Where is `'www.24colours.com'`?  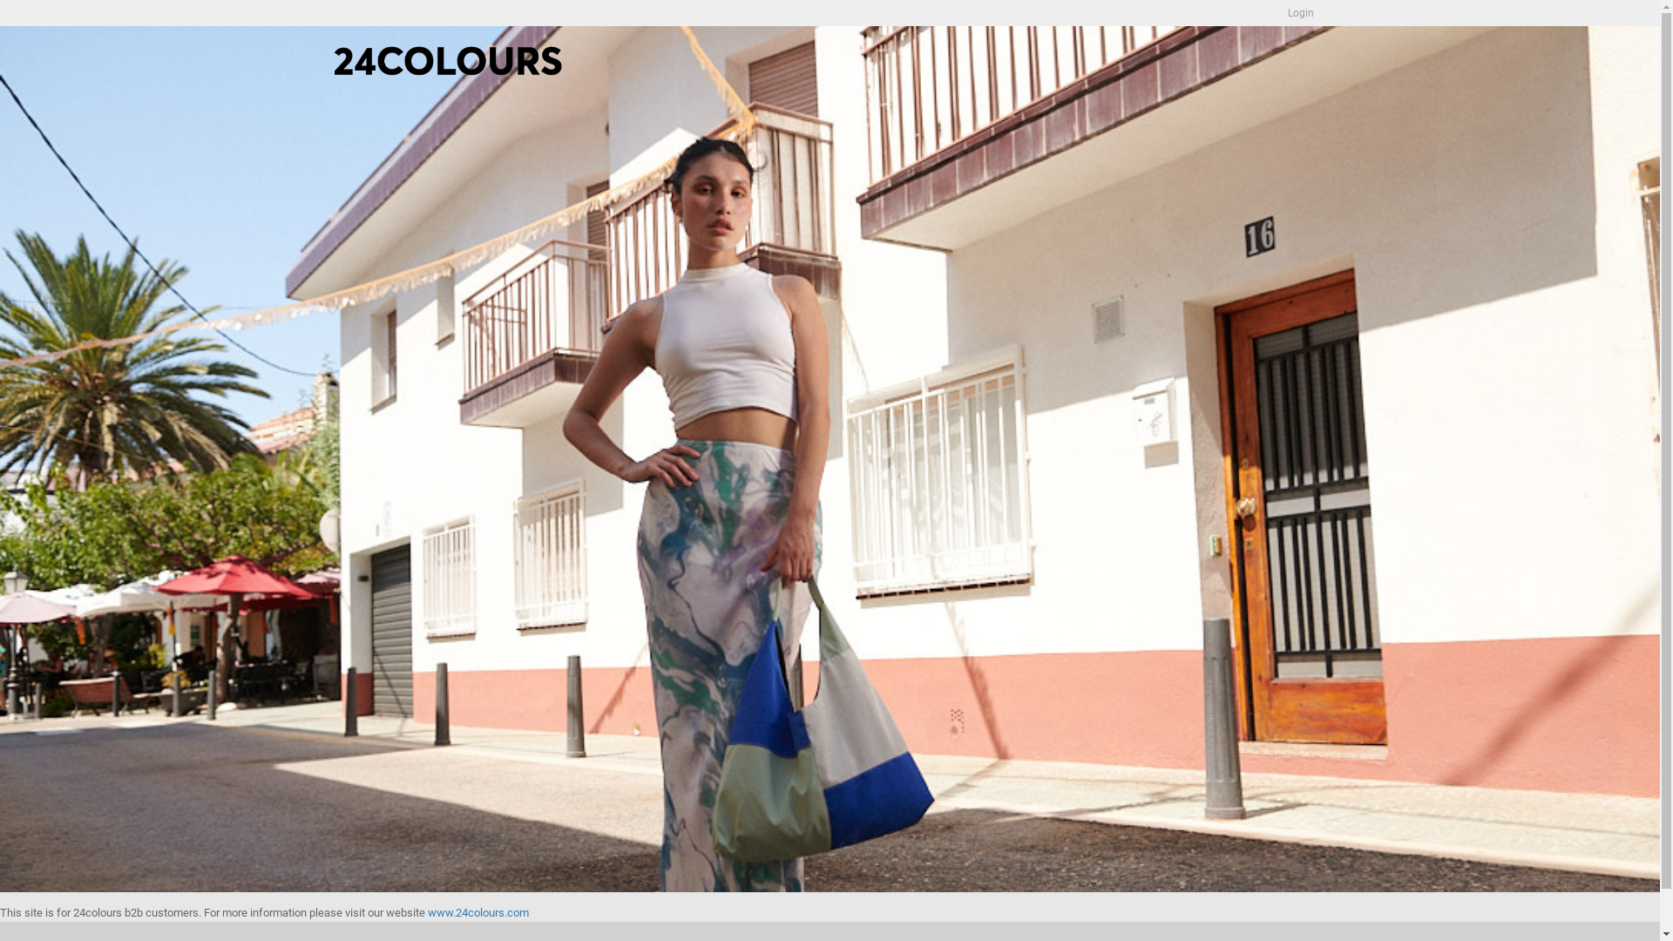
'www.24colours.com' is located at coordinates (478, 911).